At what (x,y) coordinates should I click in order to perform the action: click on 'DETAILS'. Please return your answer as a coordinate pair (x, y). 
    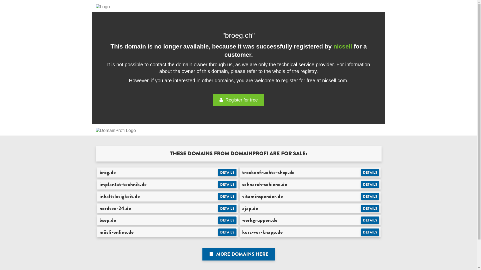
    Looking at the image, I should click on (227, 208).